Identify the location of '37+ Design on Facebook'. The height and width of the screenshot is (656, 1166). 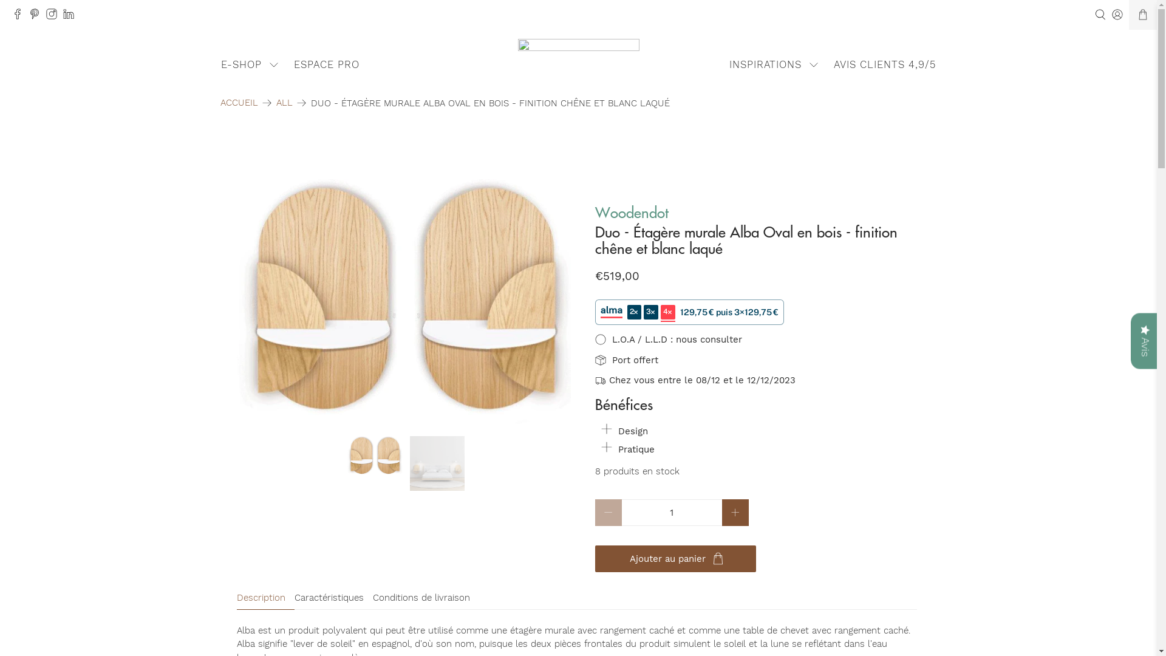
(12, 16).